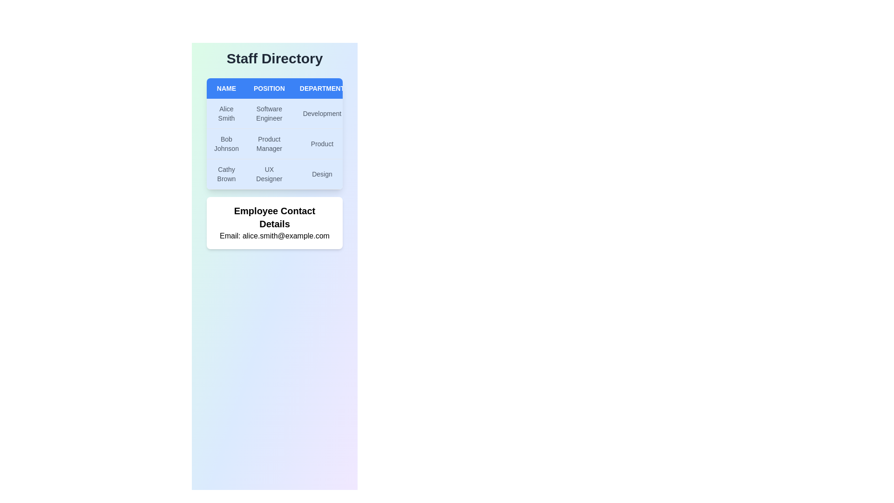 The width and height of the screenshot is (894, 503). What do you see at coordinates (274, 235) in the screenshot?
I see `the plain text containing the email 'alice.smith@example.com' within the 'Employee Contact Details' card by clicking on it` at bounding box center [274, 235].